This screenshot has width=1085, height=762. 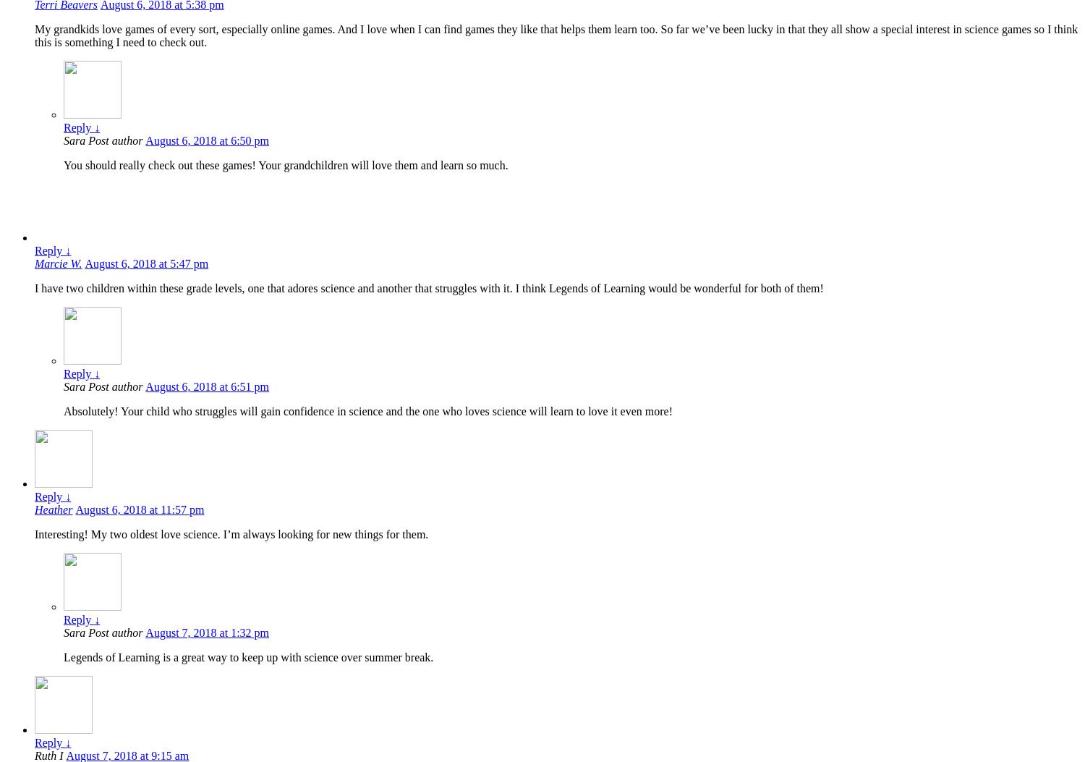 What do you see at coordinates (285, 165) in the screenshot?
I see `'You should really check out these games! Your grandchildren will love them and learn so much.'` at bounding box center [285, 165].